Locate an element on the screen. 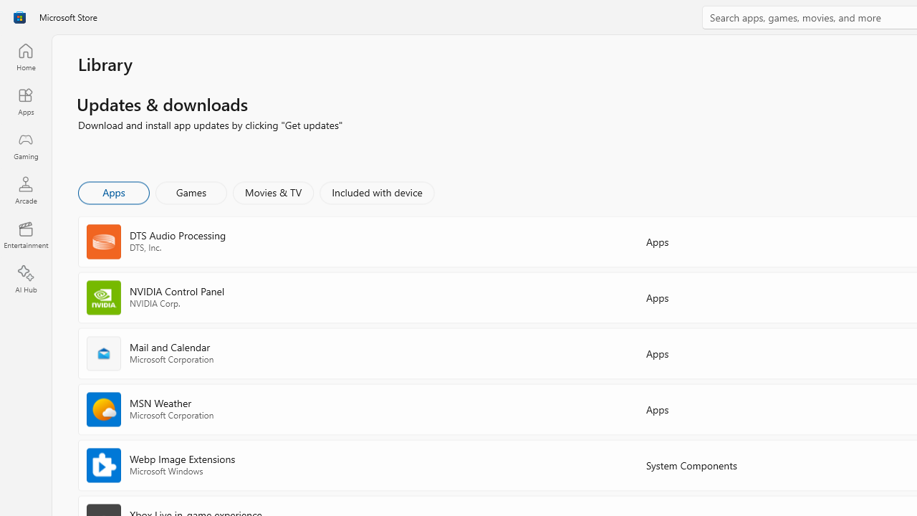 Image resolution: width=917 pixels, height=516 pixels. 'Entertainment' is located at coordinates (25, 234).